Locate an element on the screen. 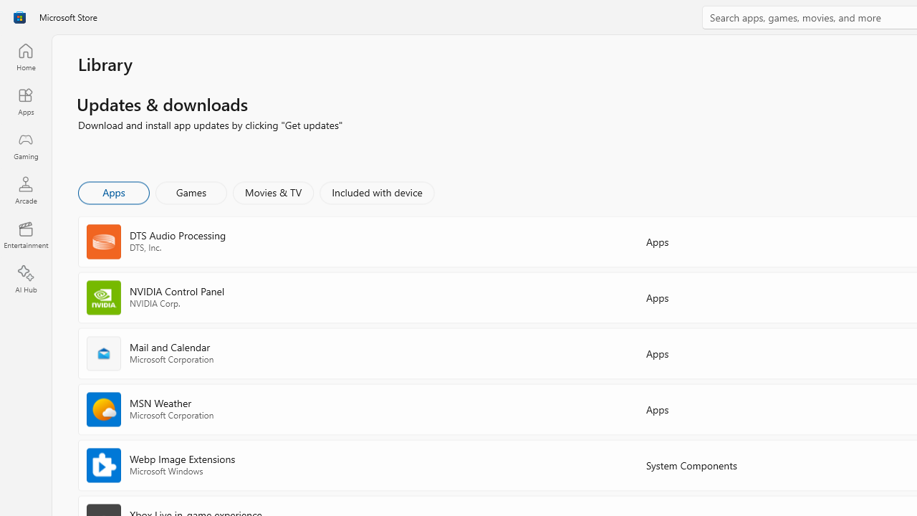 Image resolution: width=917 pixels, height=516 pixels. 'Entertainment' is located at coordinates (25, 234).